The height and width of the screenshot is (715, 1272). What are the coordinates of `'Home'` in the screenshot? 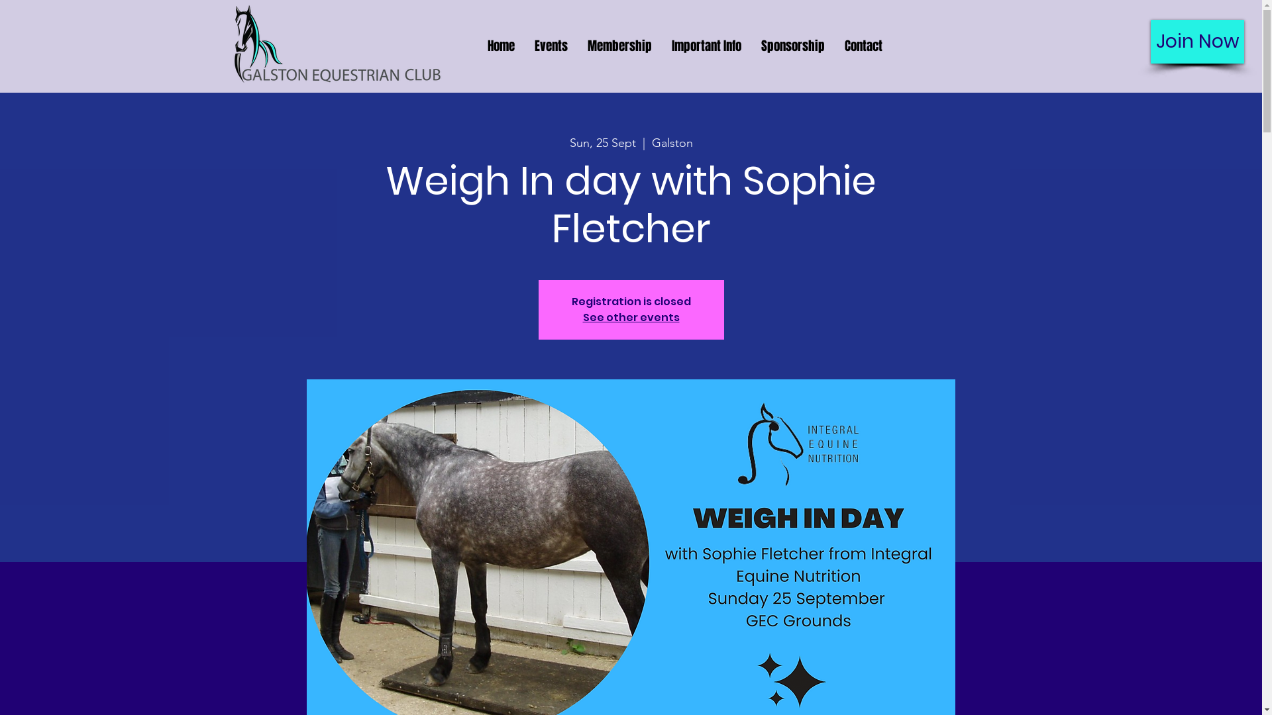 It's located at (500, 45).